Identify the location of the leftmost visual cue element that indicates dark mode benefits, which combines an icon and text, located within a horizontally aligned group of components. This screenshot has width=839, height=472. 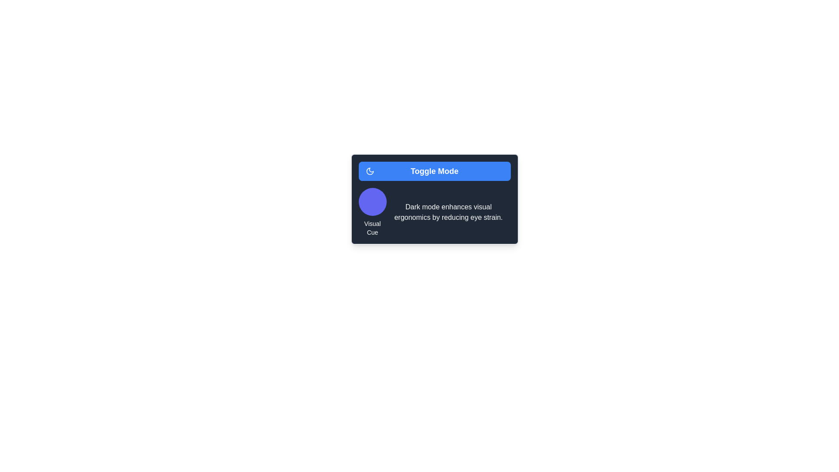
(372, 212).